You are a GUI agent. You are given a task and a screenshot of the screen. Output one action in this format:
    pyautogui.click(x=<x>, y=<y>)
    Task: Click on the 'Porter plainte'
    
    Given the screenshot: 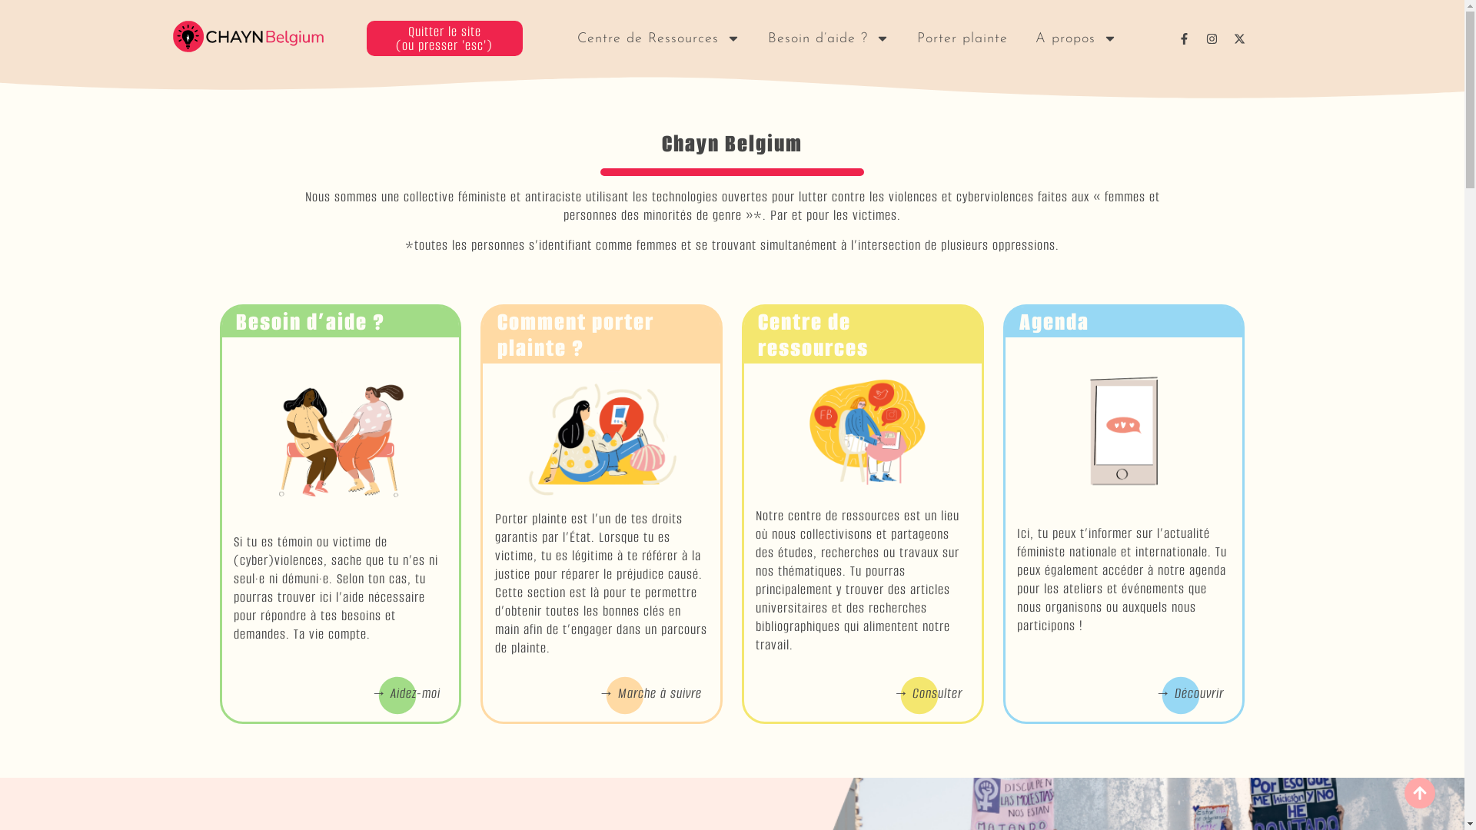 What is the action you would take?
    pyautogui.click(x=962, y=38)
    